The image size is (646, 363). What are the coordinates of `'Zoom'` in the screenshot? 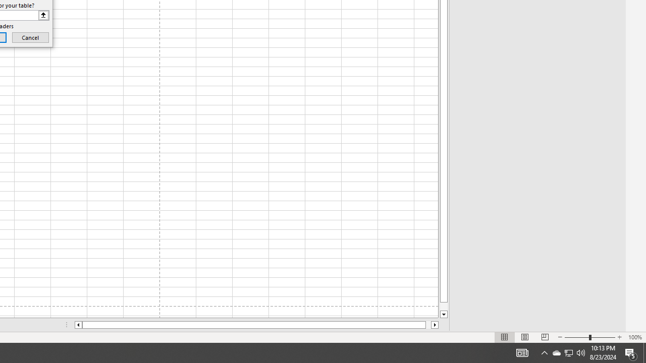 It's located at (589, 337).